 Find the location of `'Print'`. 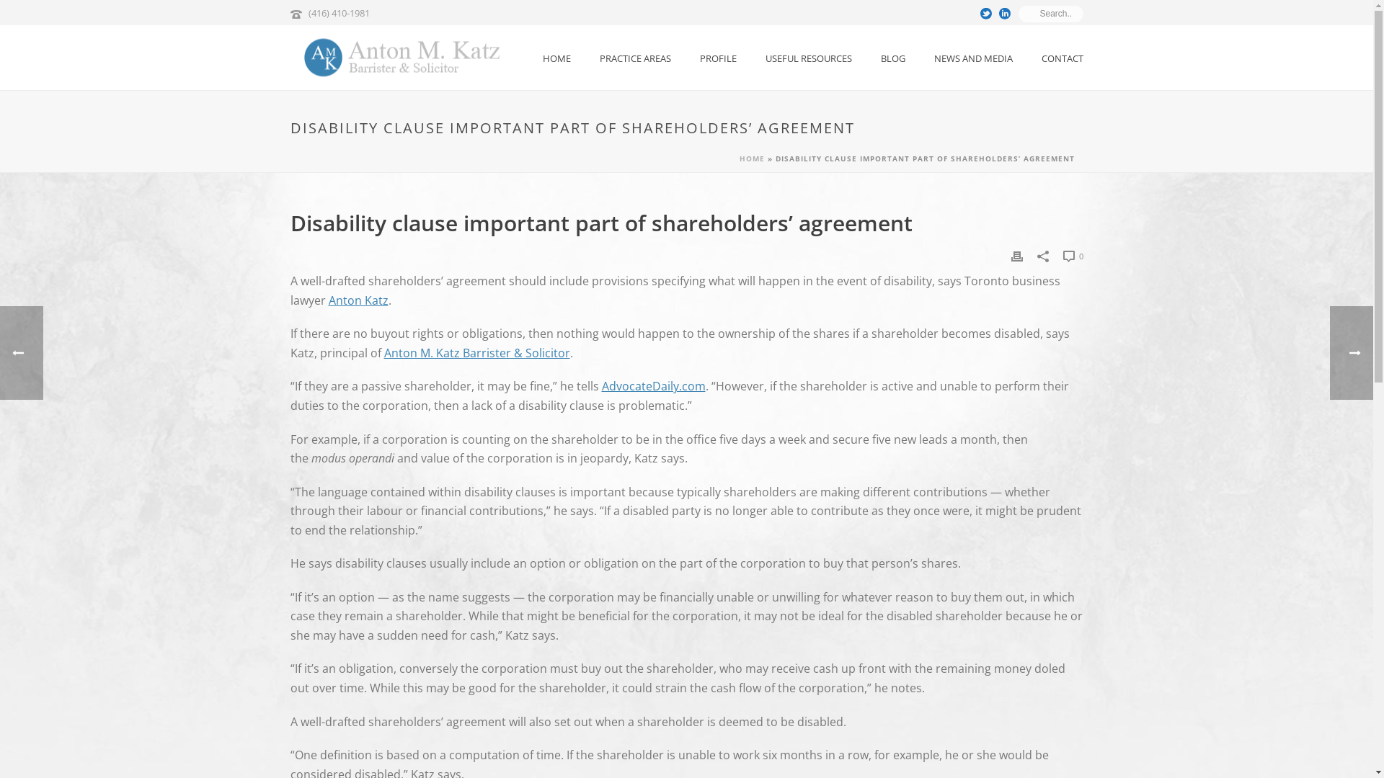

'Print' is located at coordinates (1016, 254).